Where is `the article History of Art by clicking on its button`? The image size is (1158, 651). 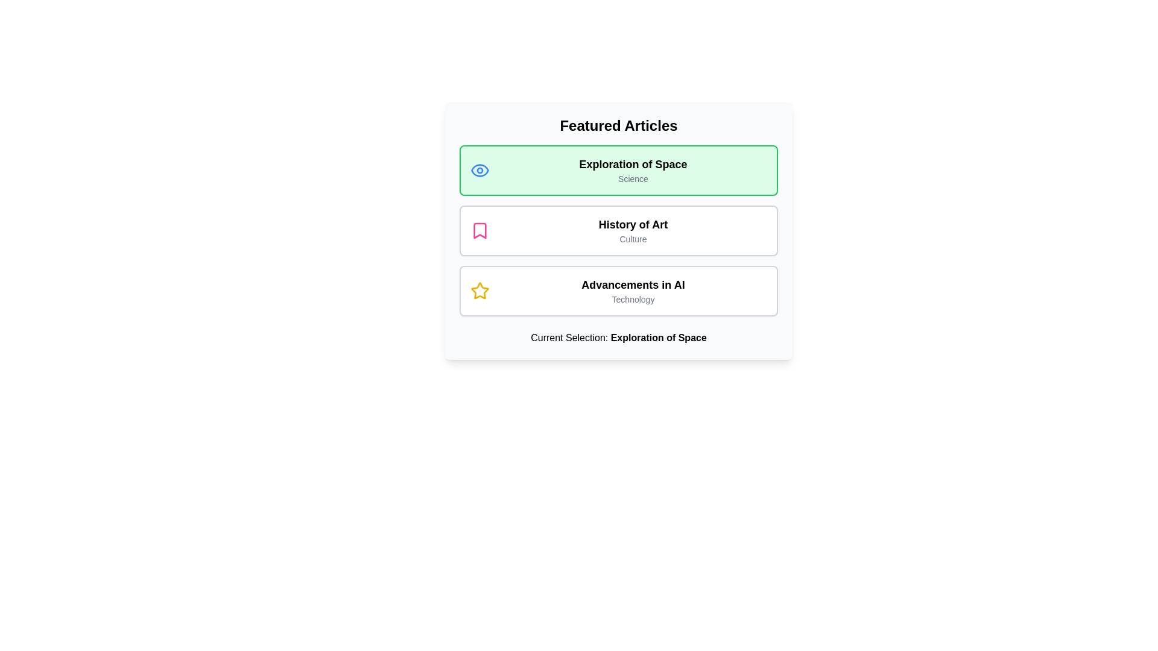 the article History of Art by clicking on its button is located at coordinates (619, 230).